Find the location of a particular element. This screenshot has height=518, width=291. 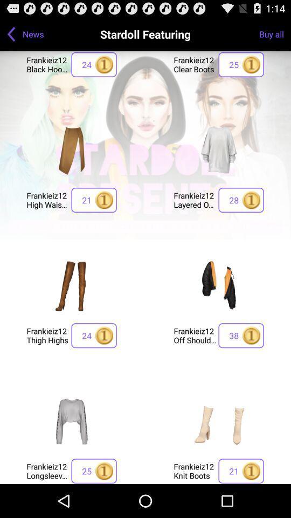

the buy all icon is located at coordinates (275, 33).